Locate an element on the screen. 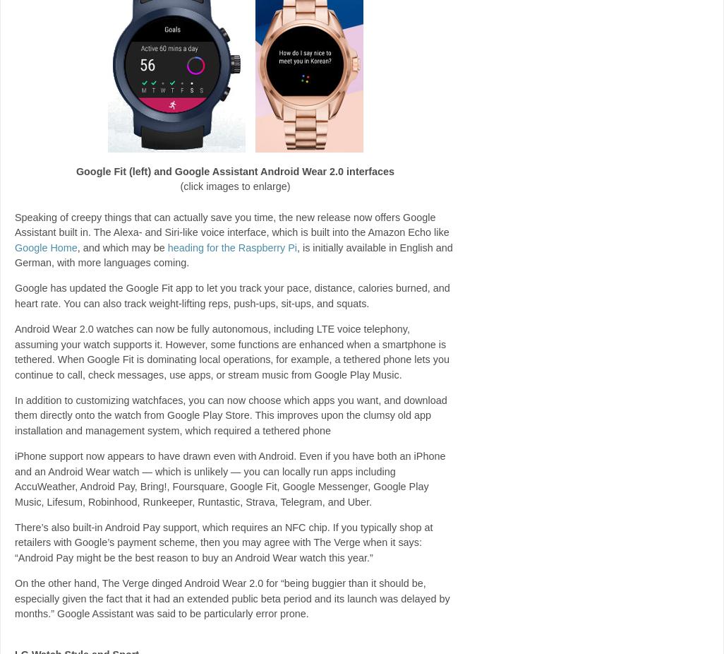 The width and height of the screenshot is (724, 654). 'iPhone support now appears to have drawn even with Android. Even if you have both an iPhone and an Android Wear watch — which is unlikely — you can locally run apps including AccuWeather, Android Pay, Bring!, Foursquare, Google Fit, Google Messenger, Google Play Music, Lifesum, Robinhood, Runkeeper, Runtastic, Strava, Telegram, and Uber.' is located at coordinates (15, 477).